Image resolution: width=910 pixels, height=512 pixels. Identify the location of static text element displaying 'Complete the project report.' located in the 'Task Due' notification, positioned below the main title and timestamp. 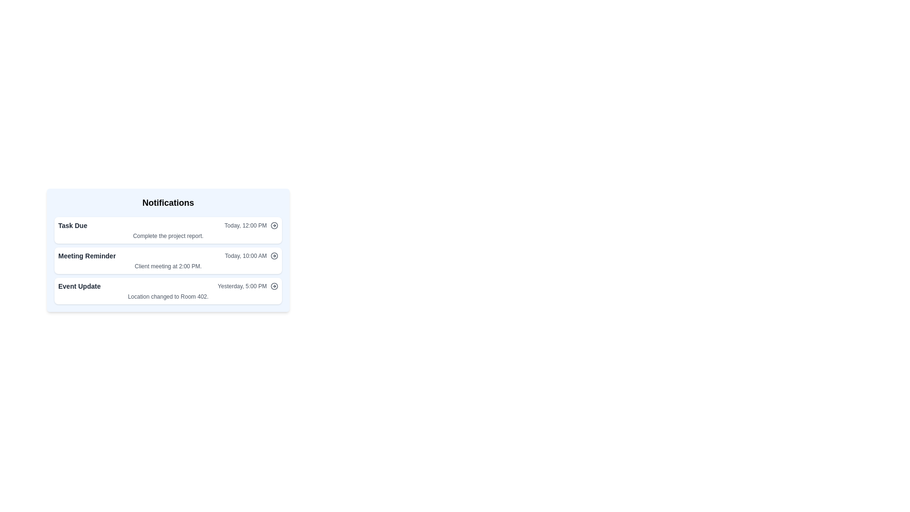
(168, 235).